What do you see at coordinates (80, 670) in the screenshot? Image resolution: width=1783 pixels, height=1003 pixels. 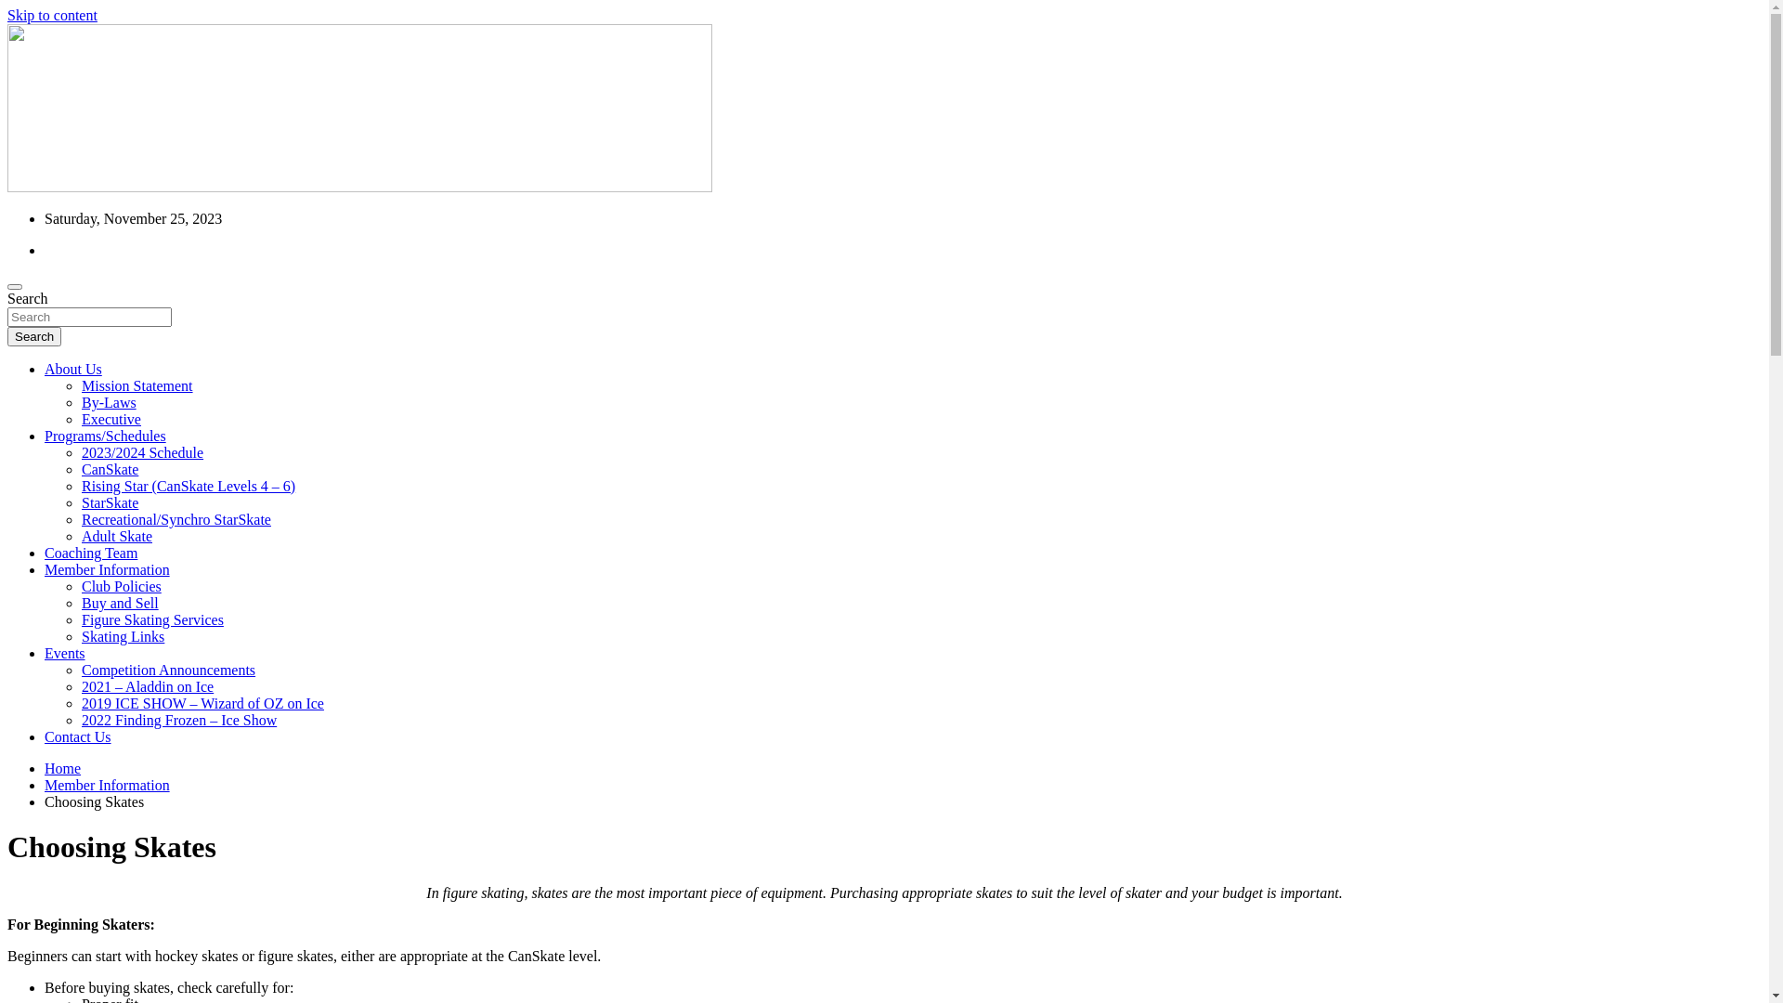 I see `'Competition Announcements'` at bounding box center [80, 670].